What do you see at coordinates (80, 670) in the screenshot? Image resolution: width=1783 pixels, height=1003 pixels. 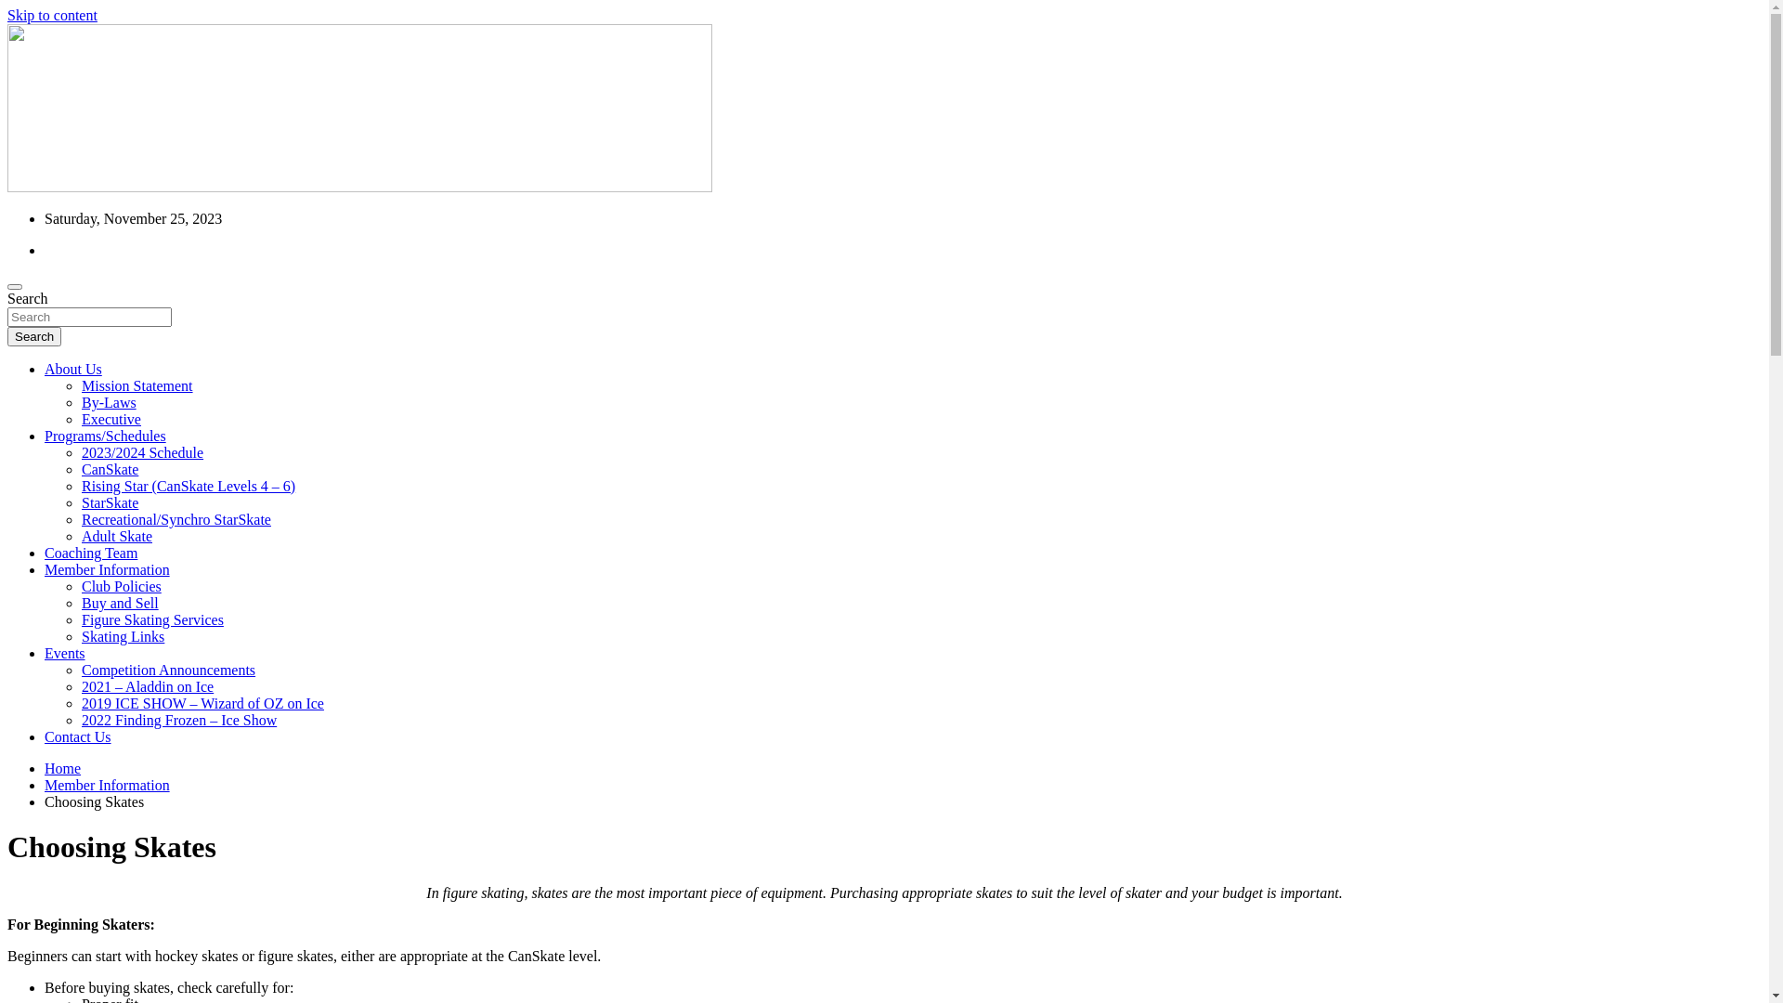 I see `'Competition Announcements'` at bounding box center [80, 670].